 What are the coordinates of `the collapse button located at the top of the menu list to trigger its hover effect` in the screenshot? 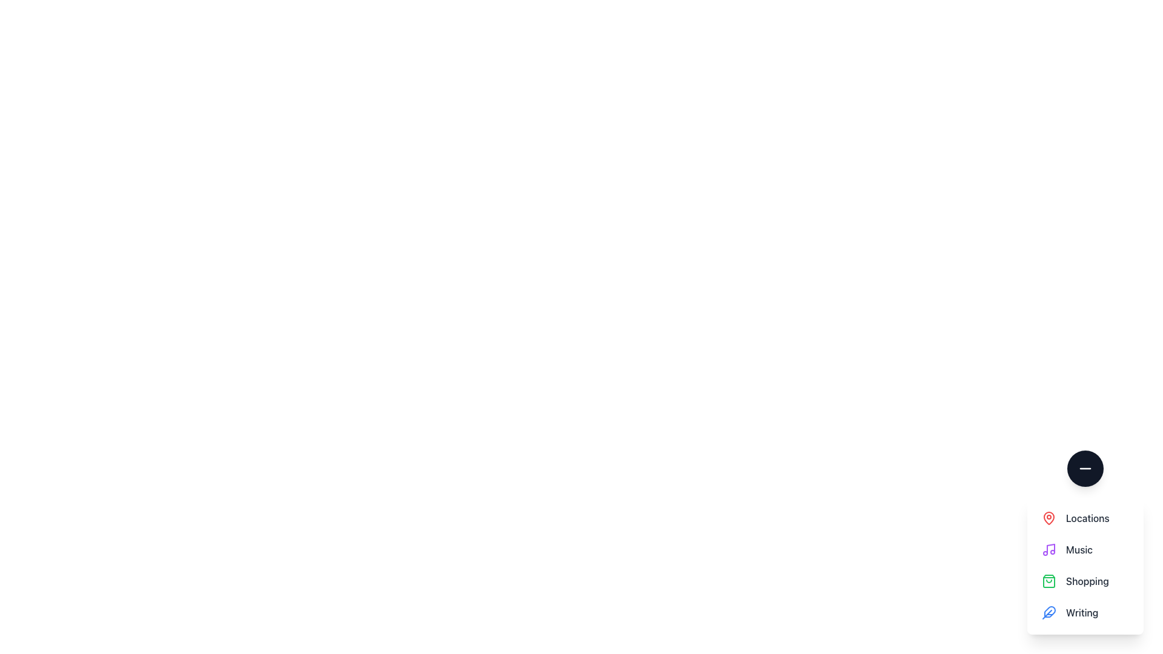 It's located at (1085, 468).